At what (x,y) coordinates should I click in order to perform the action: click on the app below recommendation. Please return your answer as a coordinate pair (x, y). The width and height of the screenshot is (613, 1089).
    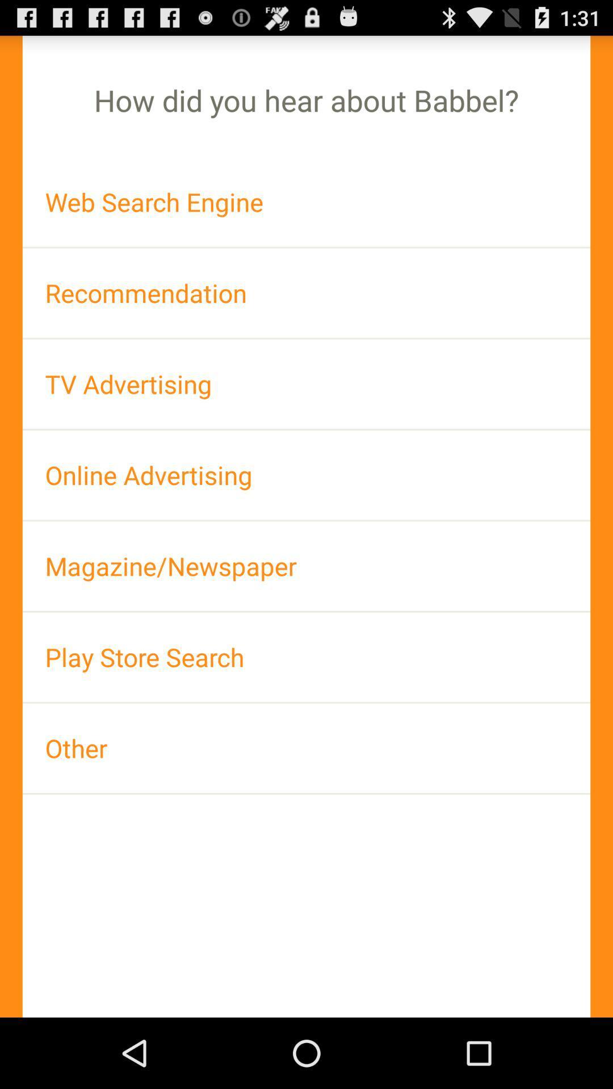
    Looking at the image, I should click on (306, 384).